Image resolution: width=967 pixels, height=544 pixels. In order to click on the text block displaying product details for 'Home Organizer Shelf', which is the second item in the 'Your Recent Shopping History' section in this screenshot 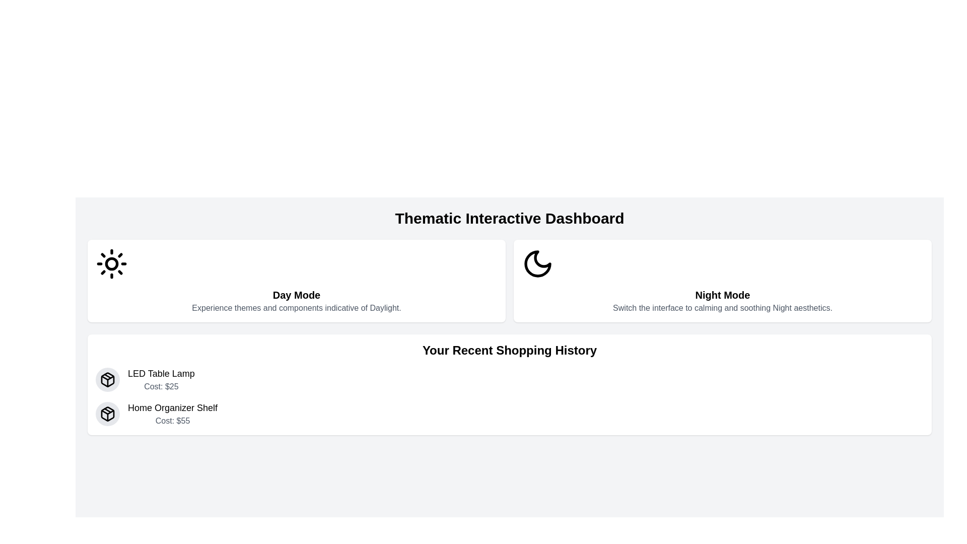, I will do `click(173, 414)`.